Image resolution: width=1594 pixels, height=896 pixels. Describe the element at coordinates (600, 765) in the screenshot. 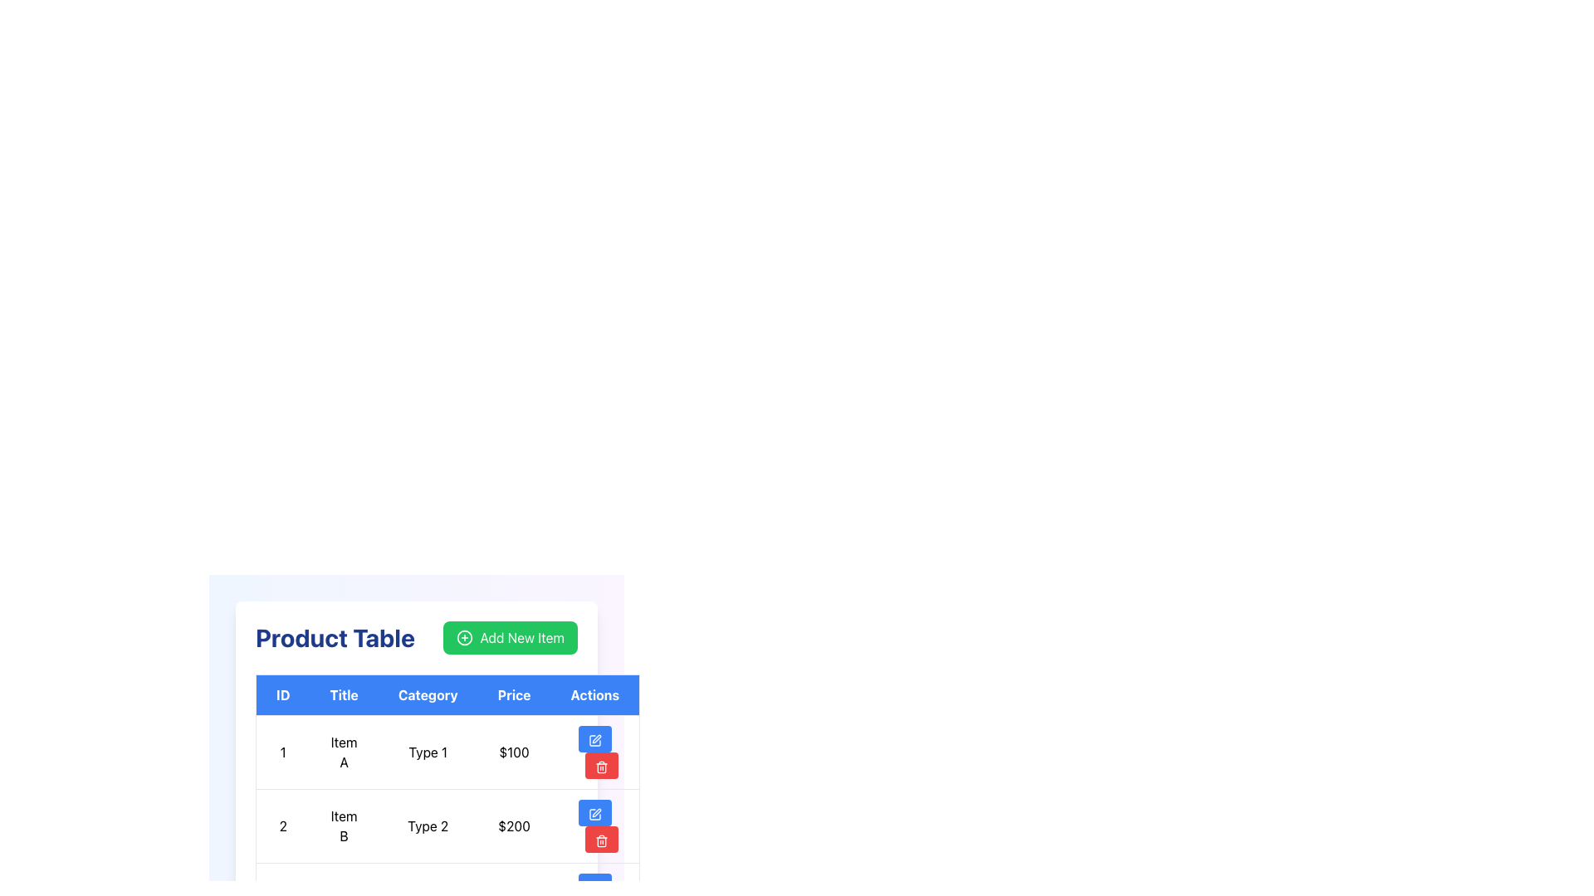

I see `the delete button located in the 'Actions' column of the second row in the product table` at that location.